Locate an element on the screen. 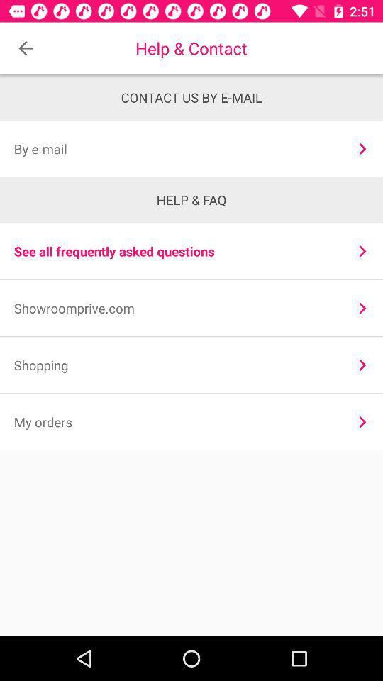 Image resolution: width=383 pixels, height=681 pixels. item next to the shopping is located at coordinates (362, 364).